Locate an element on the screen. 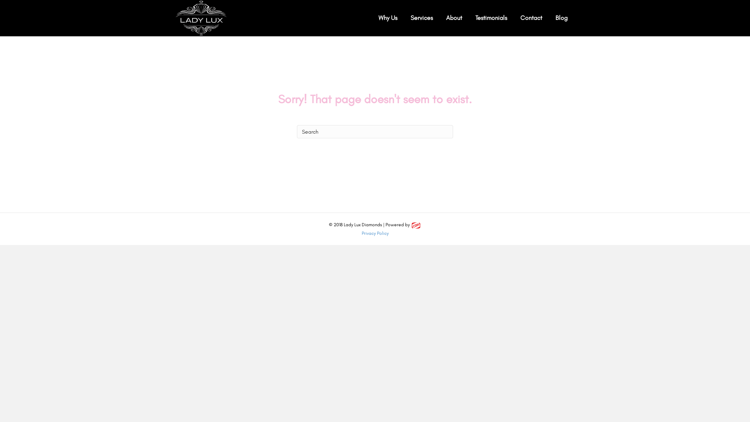  'Contact' is located at coordinates (531, 18).